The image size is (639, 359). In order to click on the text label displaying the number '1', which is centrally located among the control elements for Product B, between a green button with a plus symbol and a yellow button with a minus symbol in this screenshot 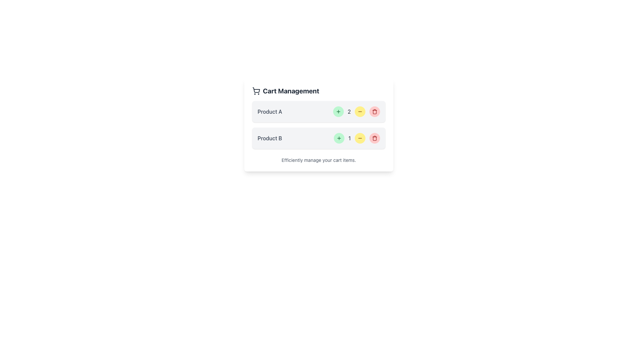, I will do `click(356, 138)`.